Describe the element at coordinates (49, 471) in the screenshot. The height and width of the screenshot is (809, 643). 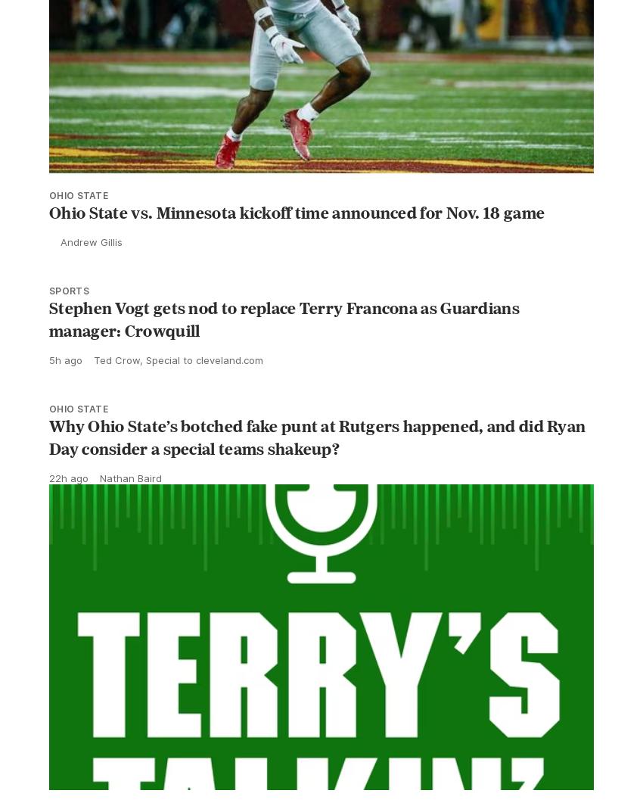
I see `'Why Ohio State’s botched fake punt at Rutgers happened, and did Ryan Day consider a special teams shakeup?'` at that location.